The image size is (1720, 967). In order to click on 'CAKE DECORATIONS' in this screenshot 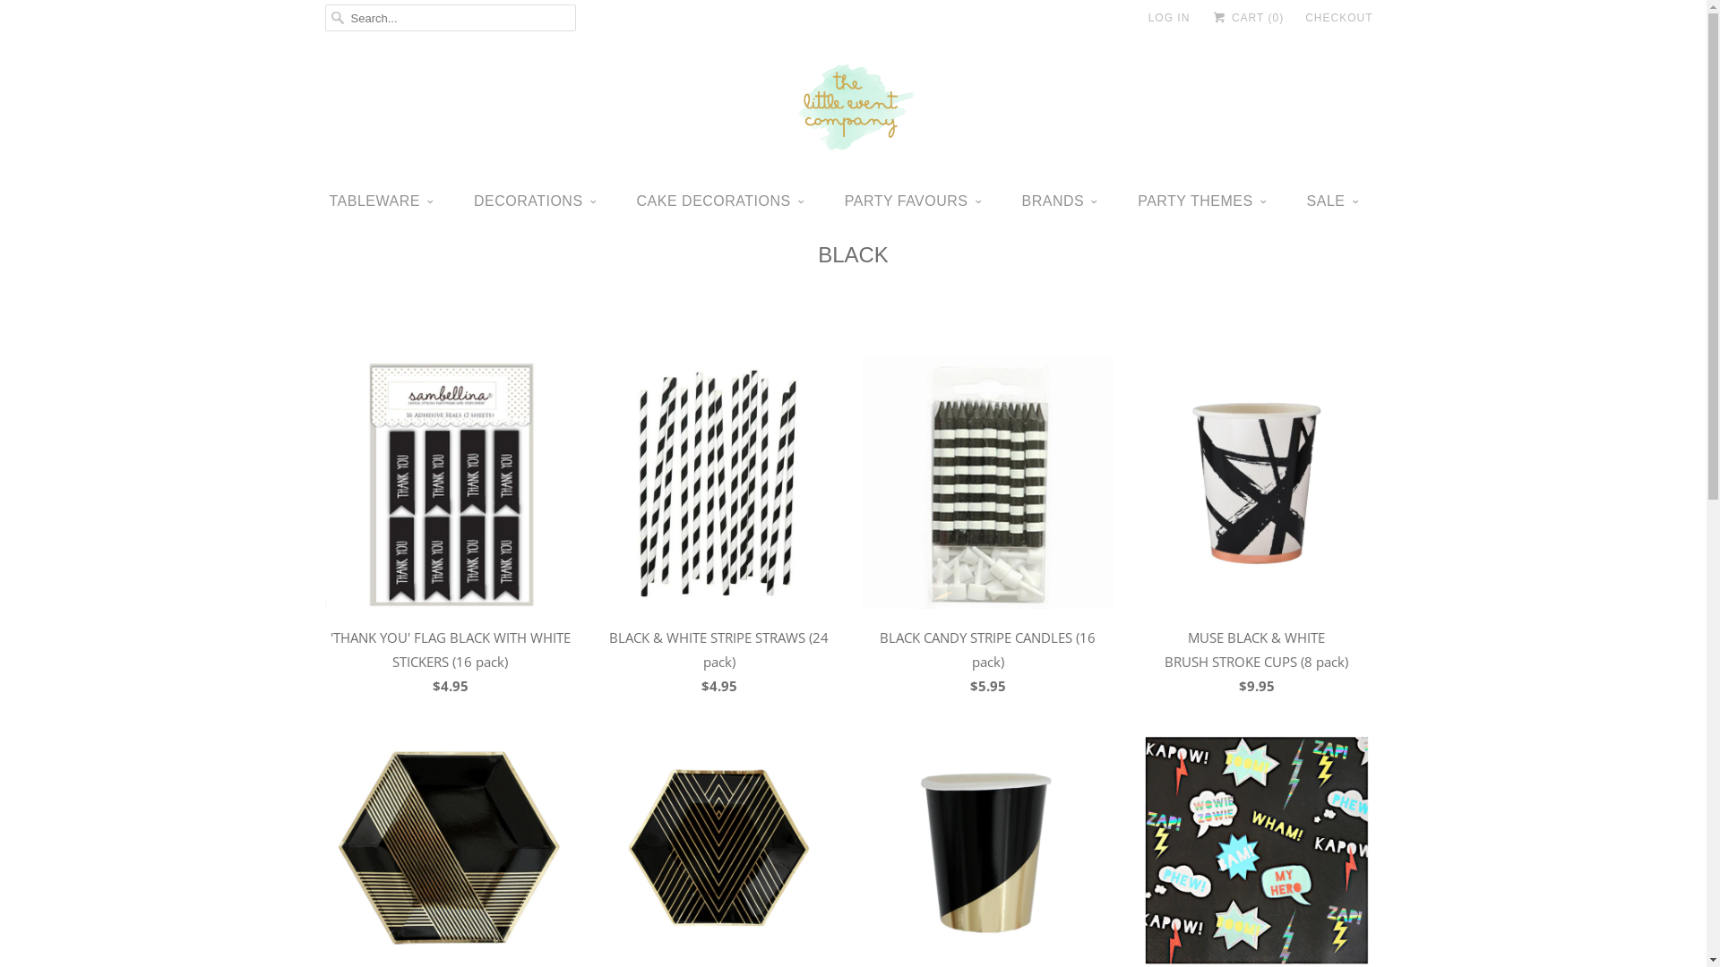, I will do `click(721, 201)`.